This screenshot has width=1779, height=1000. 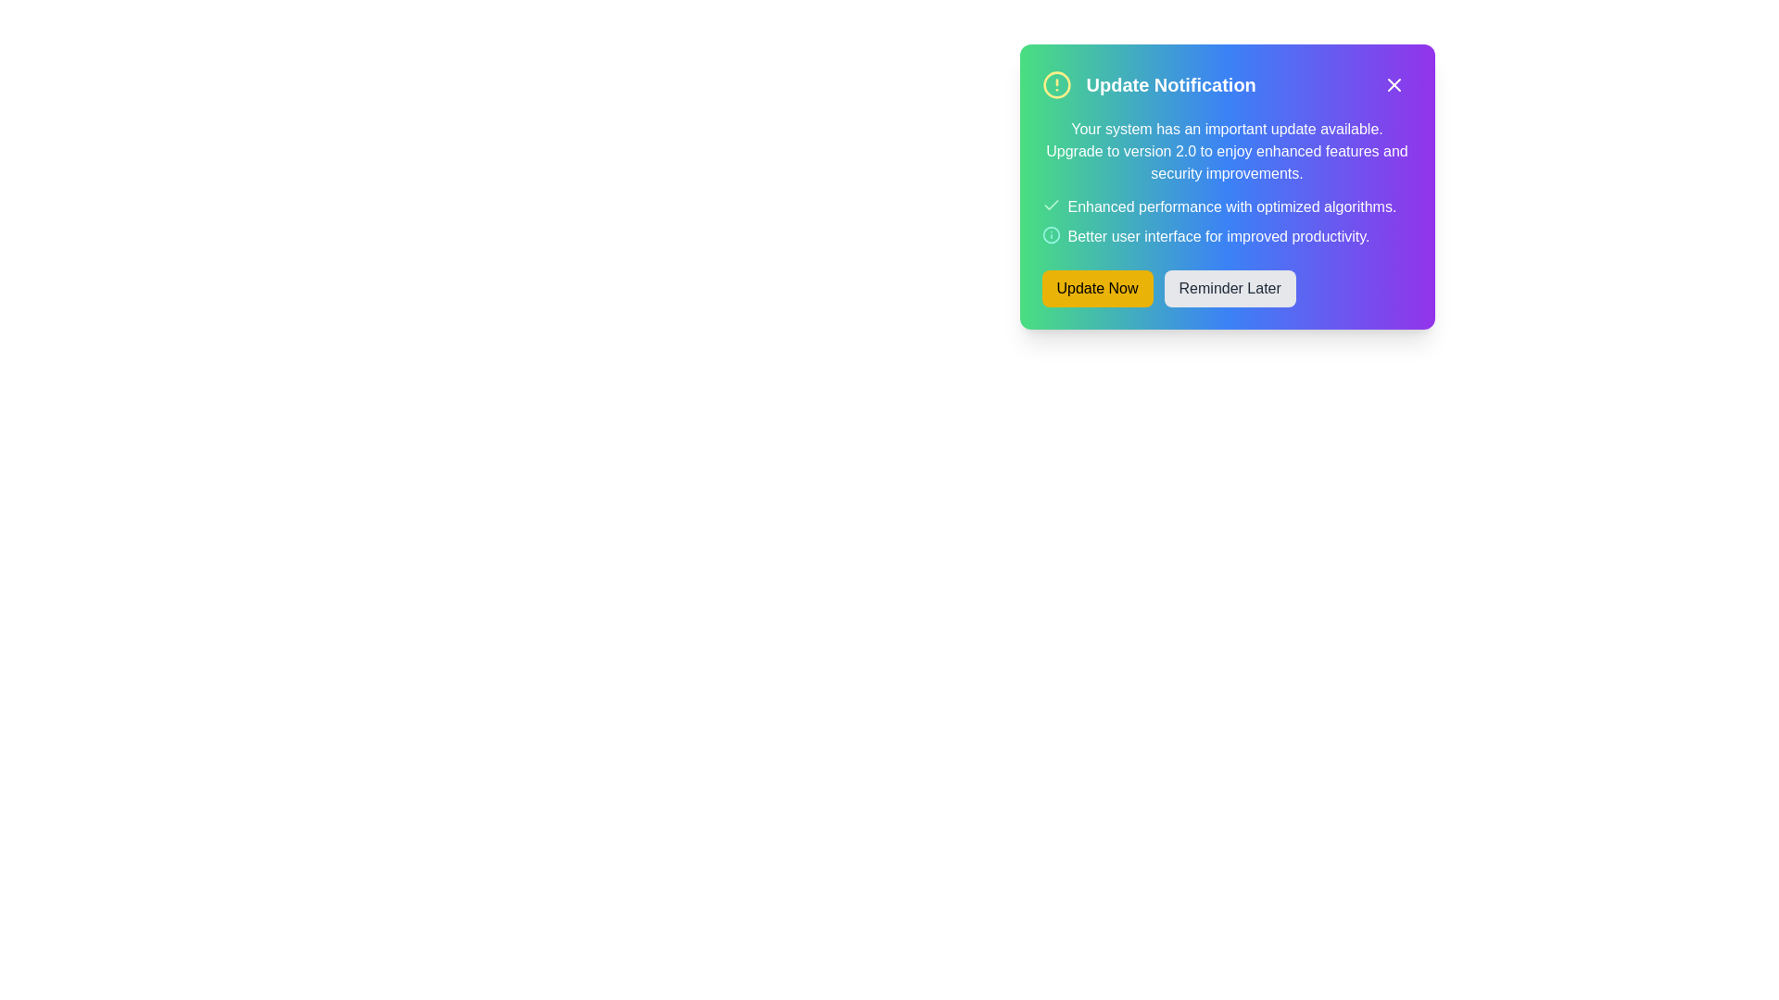 What do you see at coordinates (1148, 85) in the screenshot?
I see `the Text Block with Icon at the top-left corner of the notification card to enhance readability` at bounding box center [1148, 85].